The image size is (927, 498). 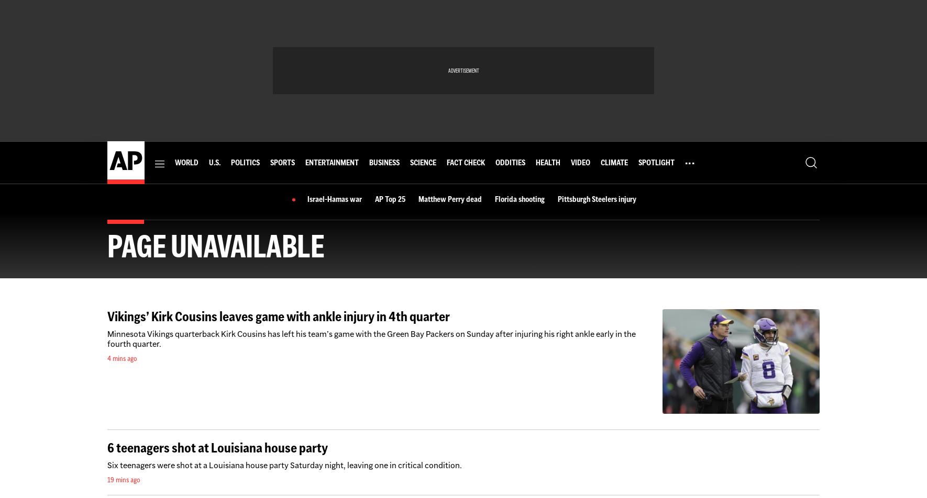 What do you see at coordinates (107, 316) in the screenshot?
I see `'Vikings’ Kirk Cousins leaves game with ankle injury in 4th quarter'` at bounding box center [107, 316].